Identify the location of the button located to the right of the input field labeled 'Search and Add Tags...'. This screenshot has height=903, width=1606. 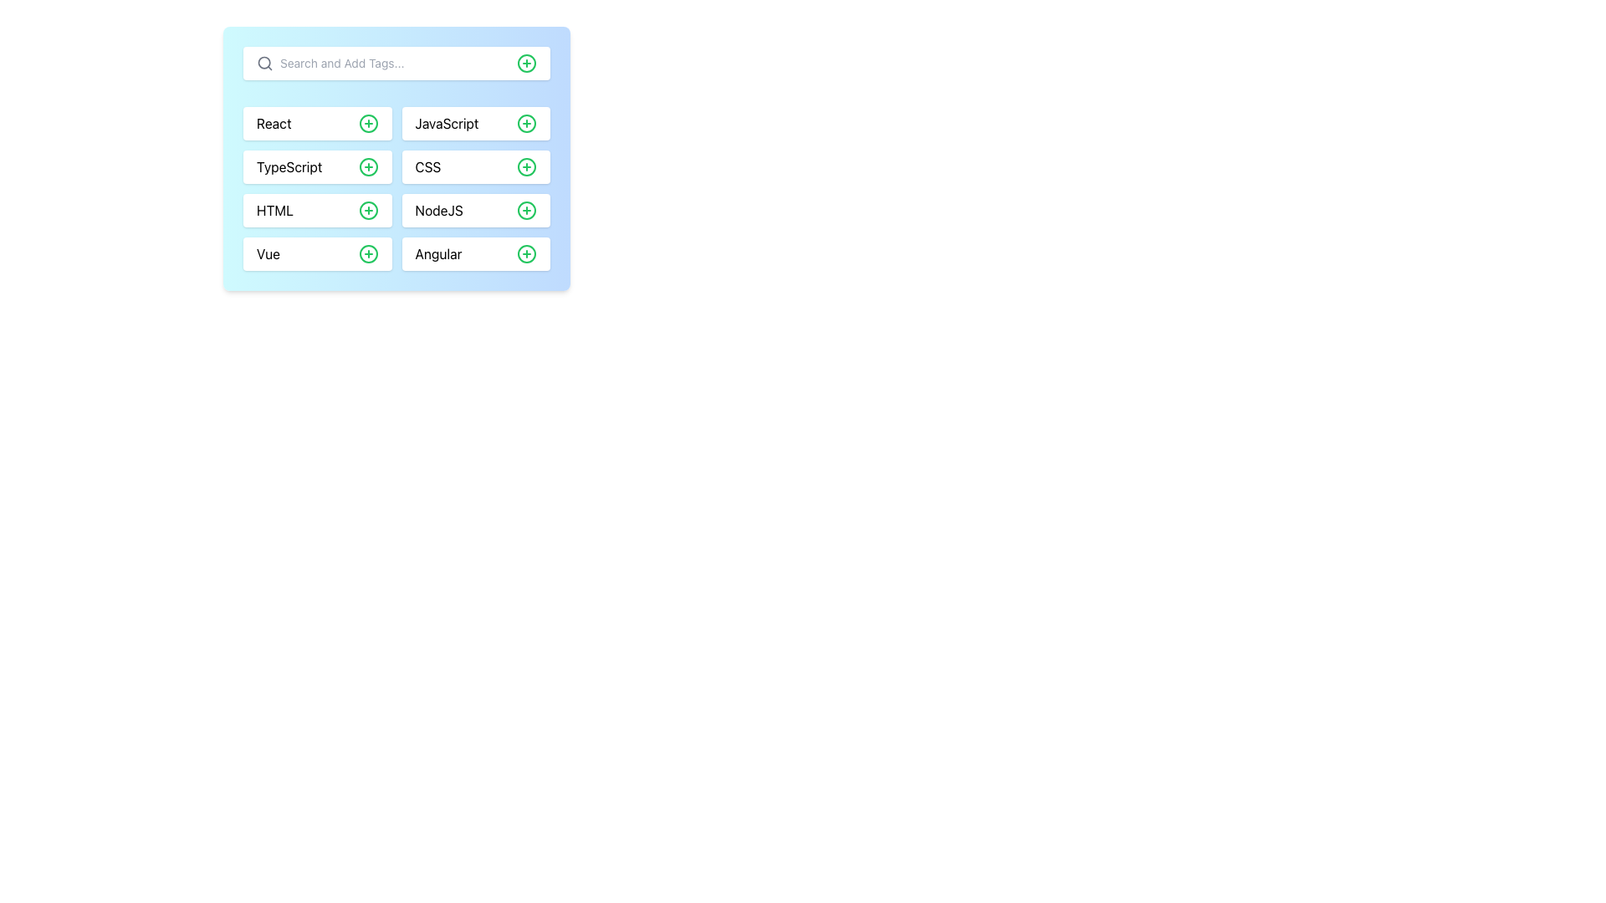
(525, 63).